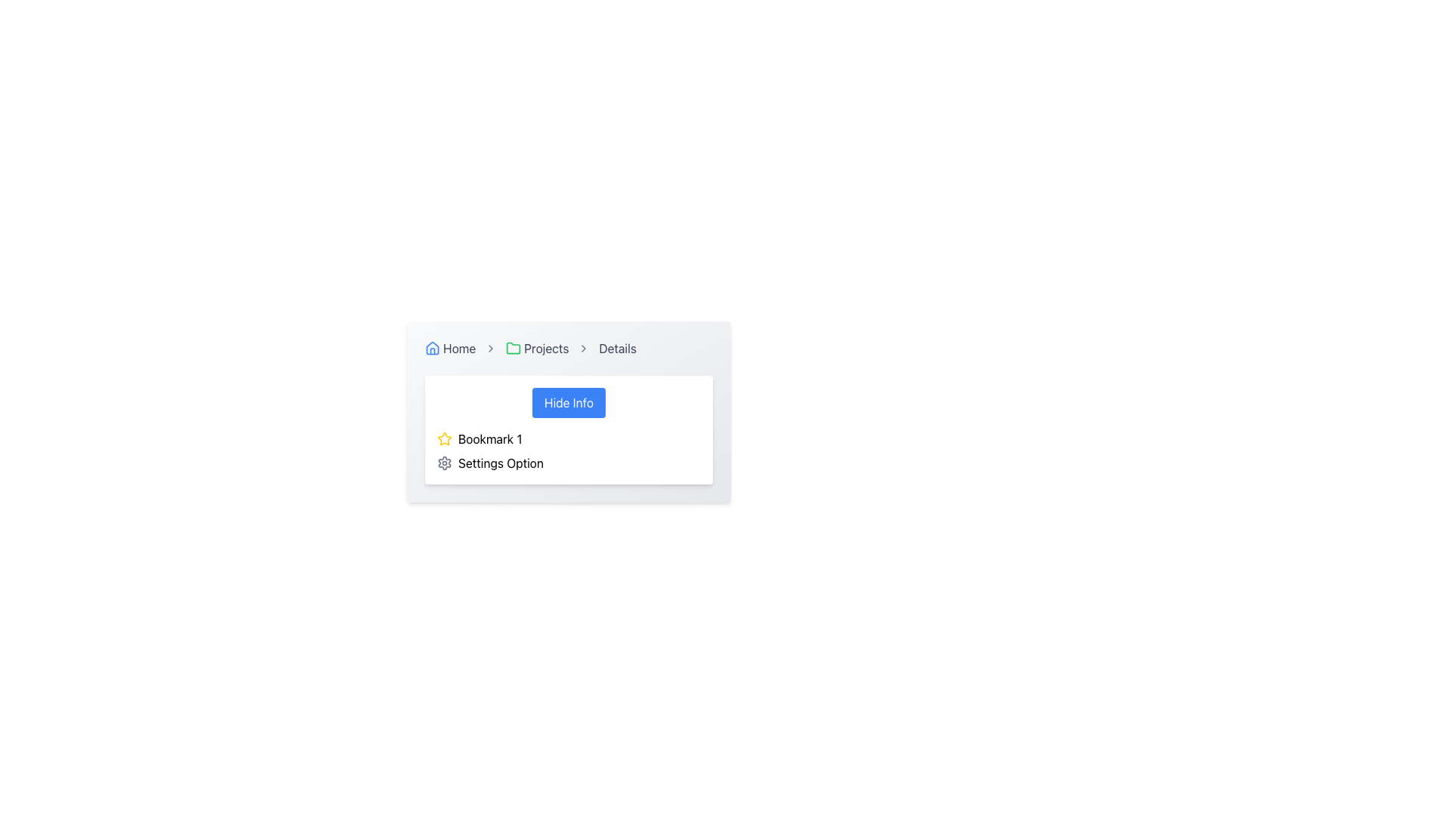  I want to click on the folder icon with a green outline located in the breadcrumb navigation bar, positioned to the left of the 'Projects' text, so click(514, 349).